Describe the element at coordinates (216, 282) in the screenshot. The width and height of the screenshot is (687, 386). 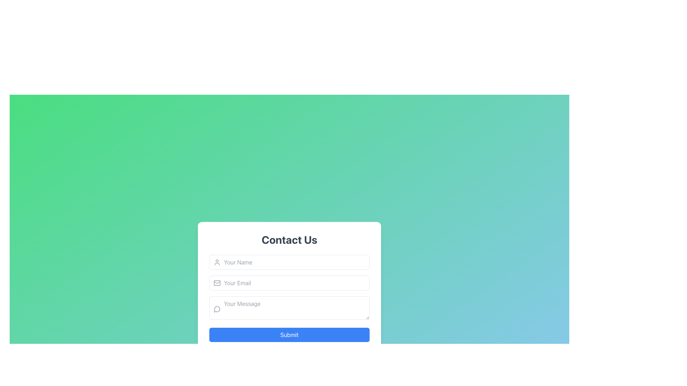
I see `the email icon located inside the 'Your Email' input field, positioned near the left edge and slightly above the vertical centerline` at that location.